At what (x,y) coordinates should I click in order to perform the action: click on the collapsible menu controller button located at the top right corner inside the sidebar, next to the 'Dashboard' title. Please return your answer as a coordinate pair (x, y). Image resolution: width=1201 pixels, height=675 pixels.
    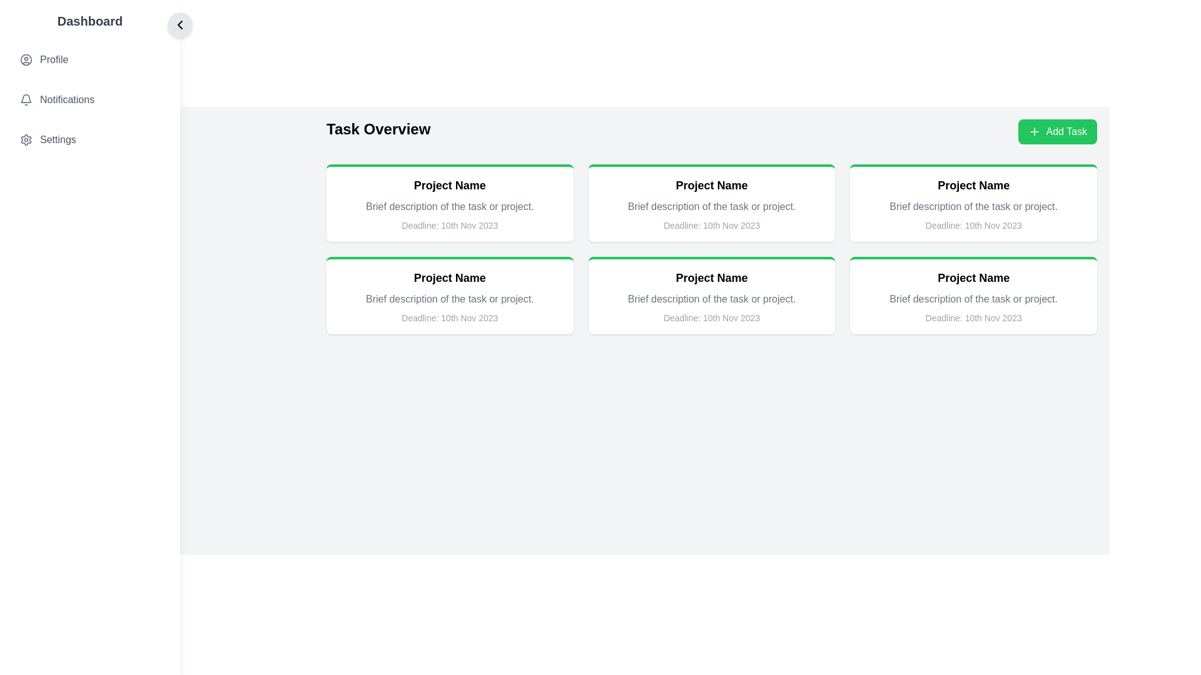
    Looking at the image, I should click on (180, 24).